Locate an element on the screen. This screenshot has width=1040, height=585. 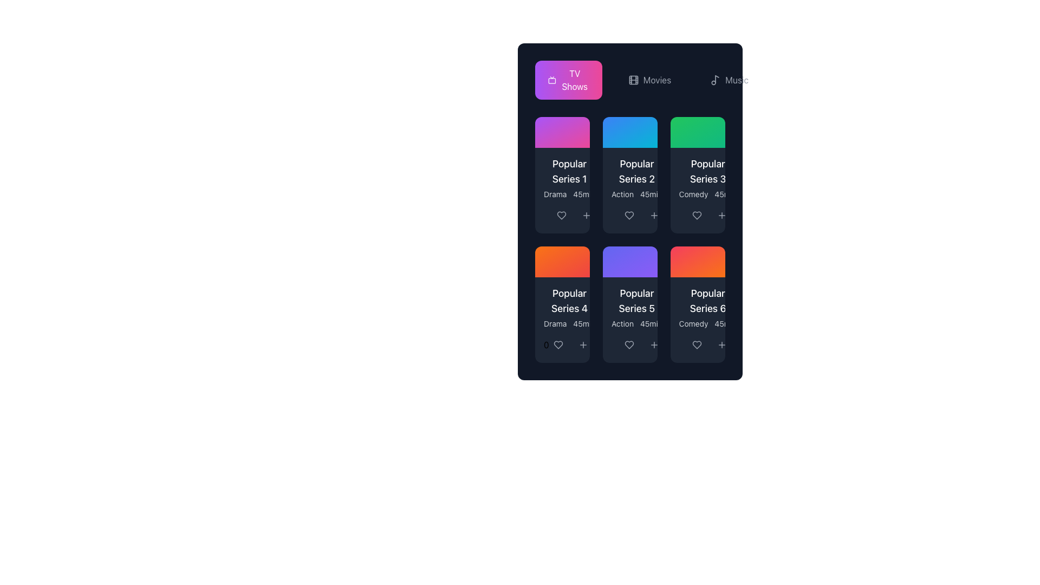
the first button in the navigation group that links to the TV Shows section is located at coordinates (568, 79).